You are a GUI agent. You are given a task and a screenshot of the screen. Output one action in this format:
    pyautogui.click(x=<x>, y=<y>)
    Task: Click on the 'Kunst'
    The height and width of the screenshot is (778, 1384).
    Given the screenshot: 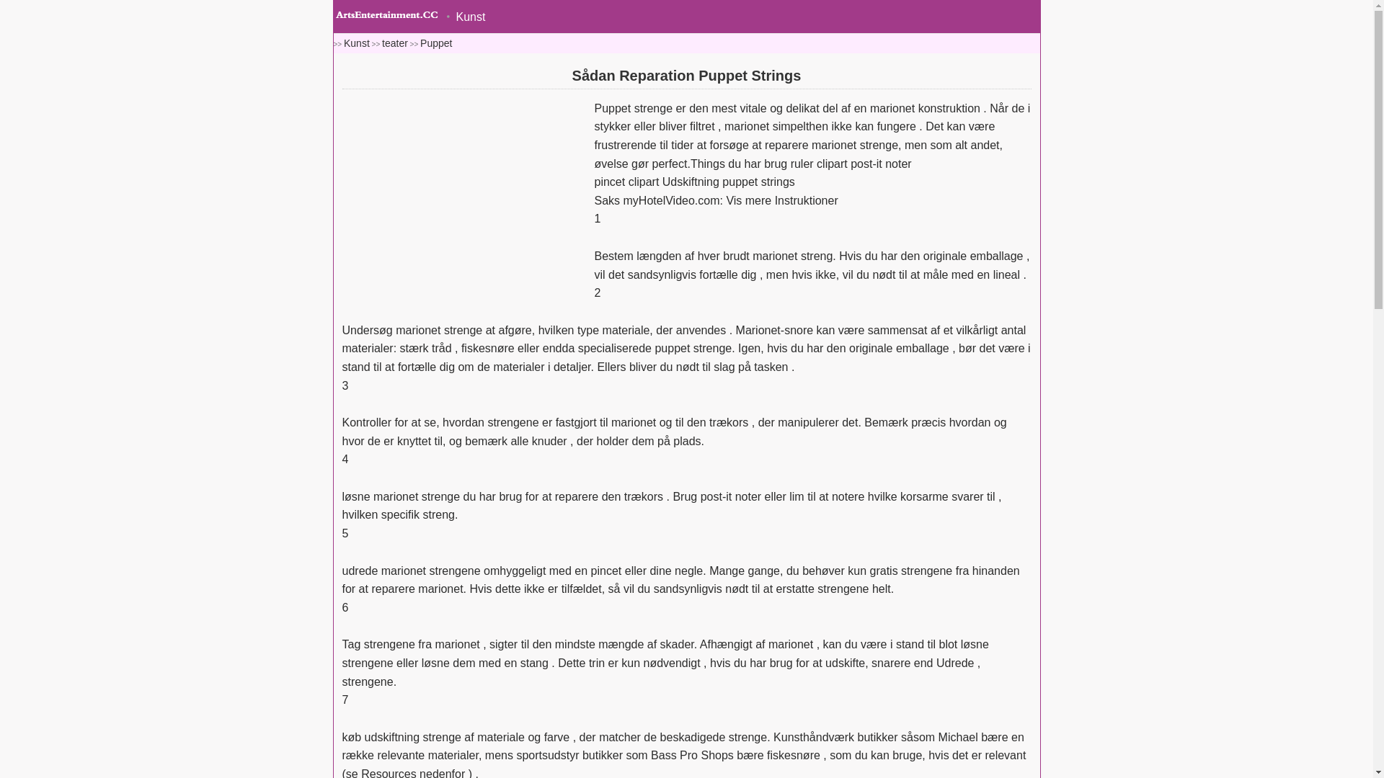 What is the action you would take?
    pyautogui.click(x=356, y=43)
    